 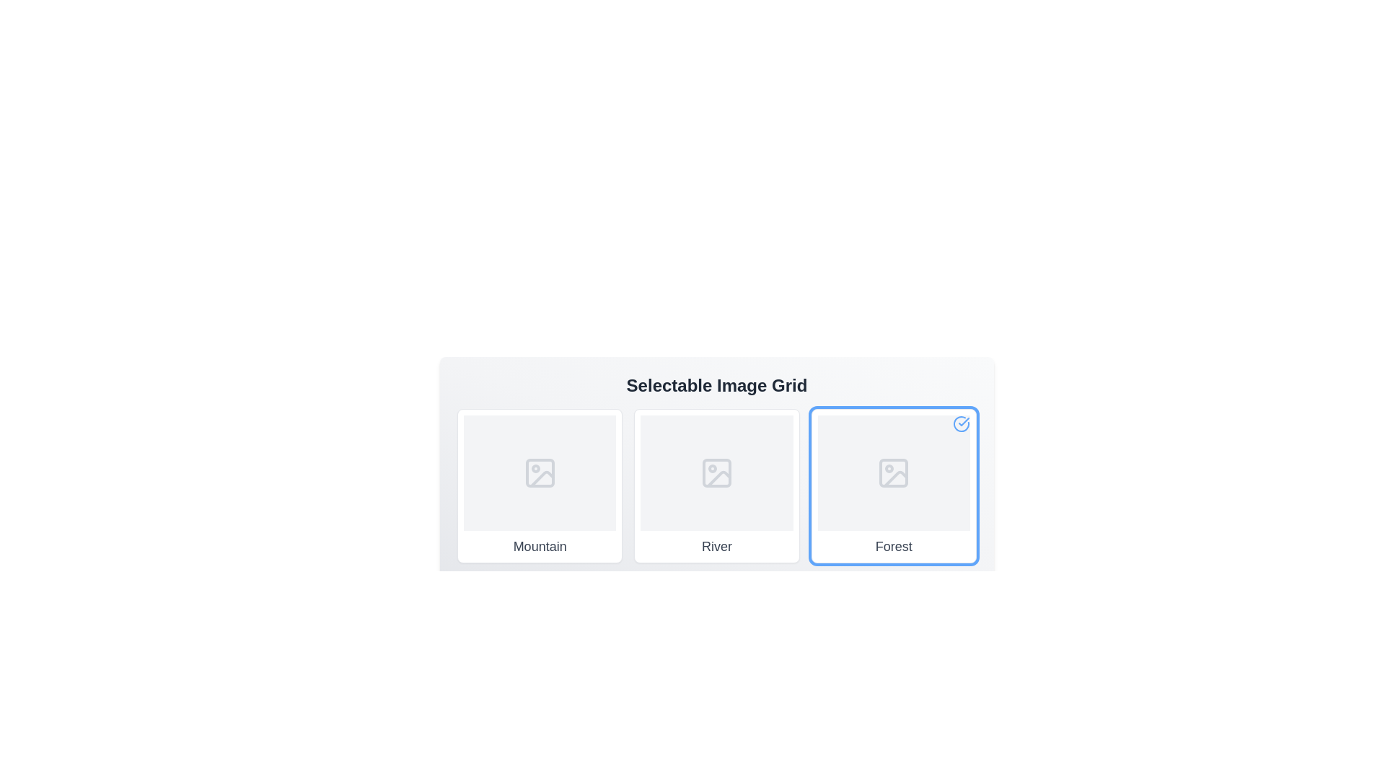 What do you see at coordinates (539, 486) in the screenshot?
I see `the selectable image grid item labeled Mountain to observe hover effects` at bounding box center [539, 486].